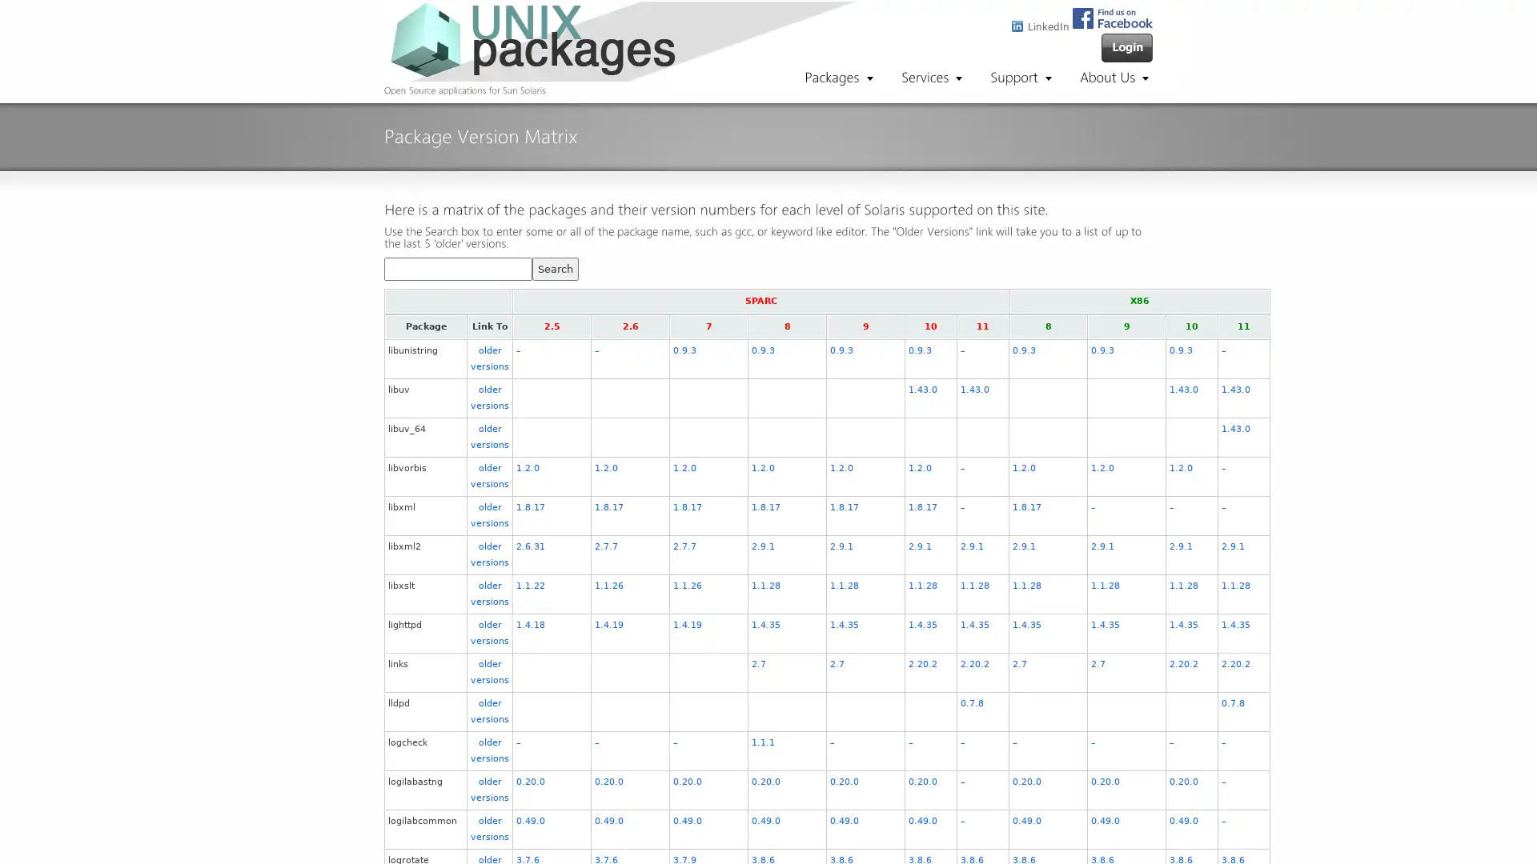  I want to click on Search, so click(556, 267).